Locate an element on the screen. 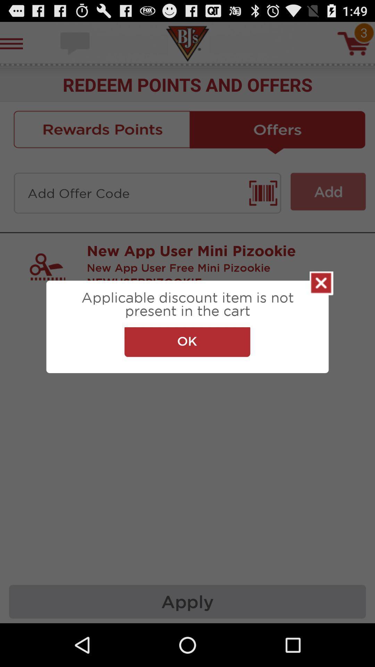 The width and height of the screenshot is (375, 667). item below the applicable discount item icon is located at coordinates (187, 342).